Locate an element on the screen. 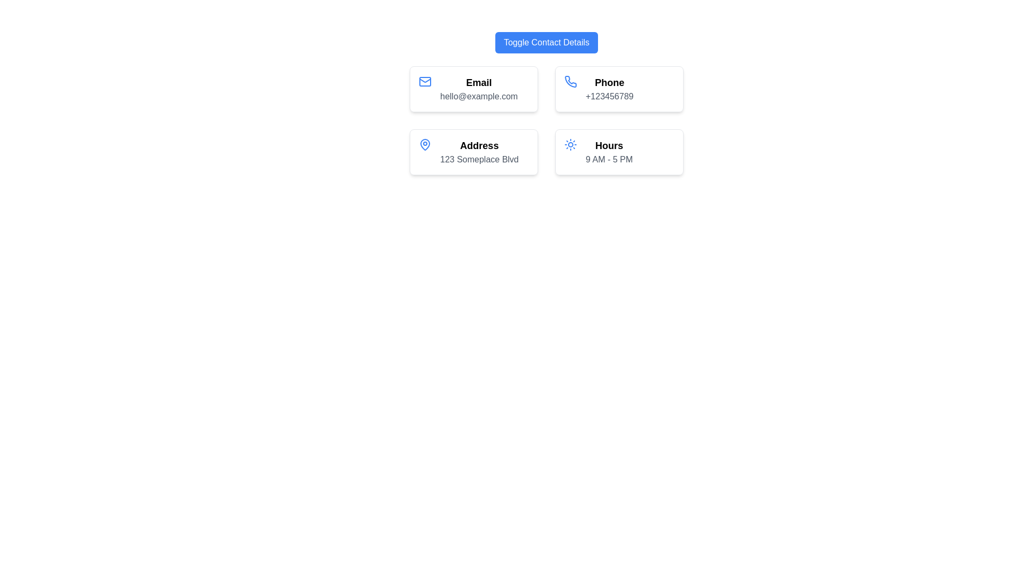  the informational card displaying 'Address' with an icon resembling a location pin, positioned in the bottom-left quadrant of the grid layout is located at coordinates (473, 152).